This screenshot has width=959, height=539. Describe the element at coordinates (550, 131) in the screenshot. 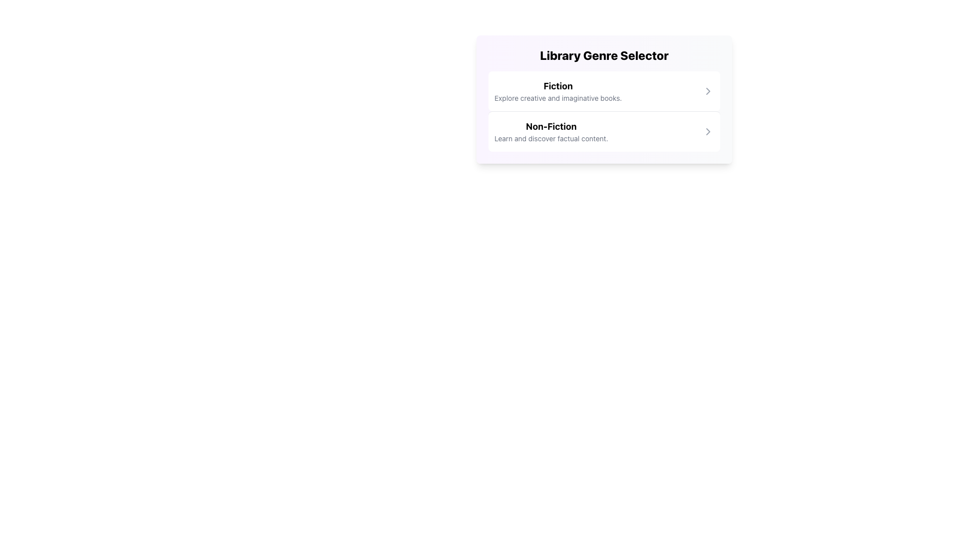

I see `the 'Non-Fiction' genre text block in the Library Genre Selector, which is the second entry below the Fiction section` at that location.